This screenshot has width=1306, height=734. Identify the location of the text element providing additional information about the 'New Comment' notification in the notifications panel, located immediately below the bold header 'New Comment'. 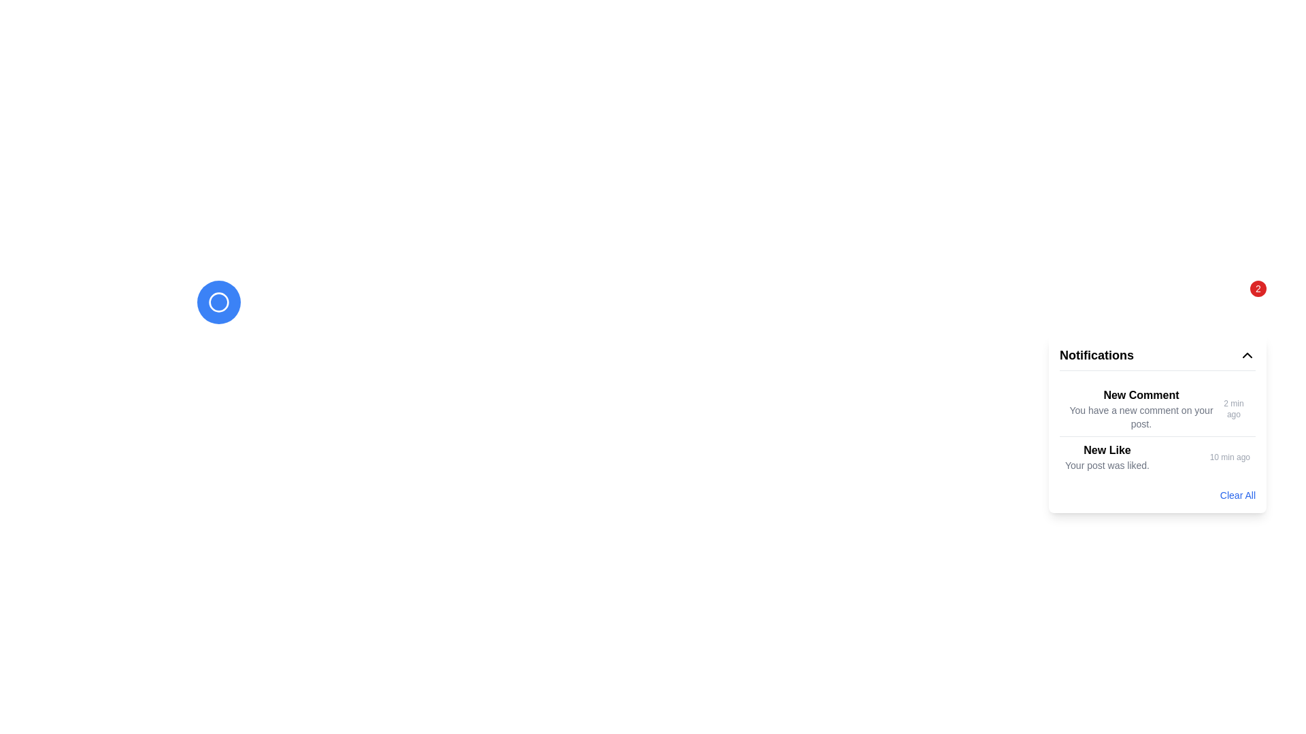
(1141, 416).